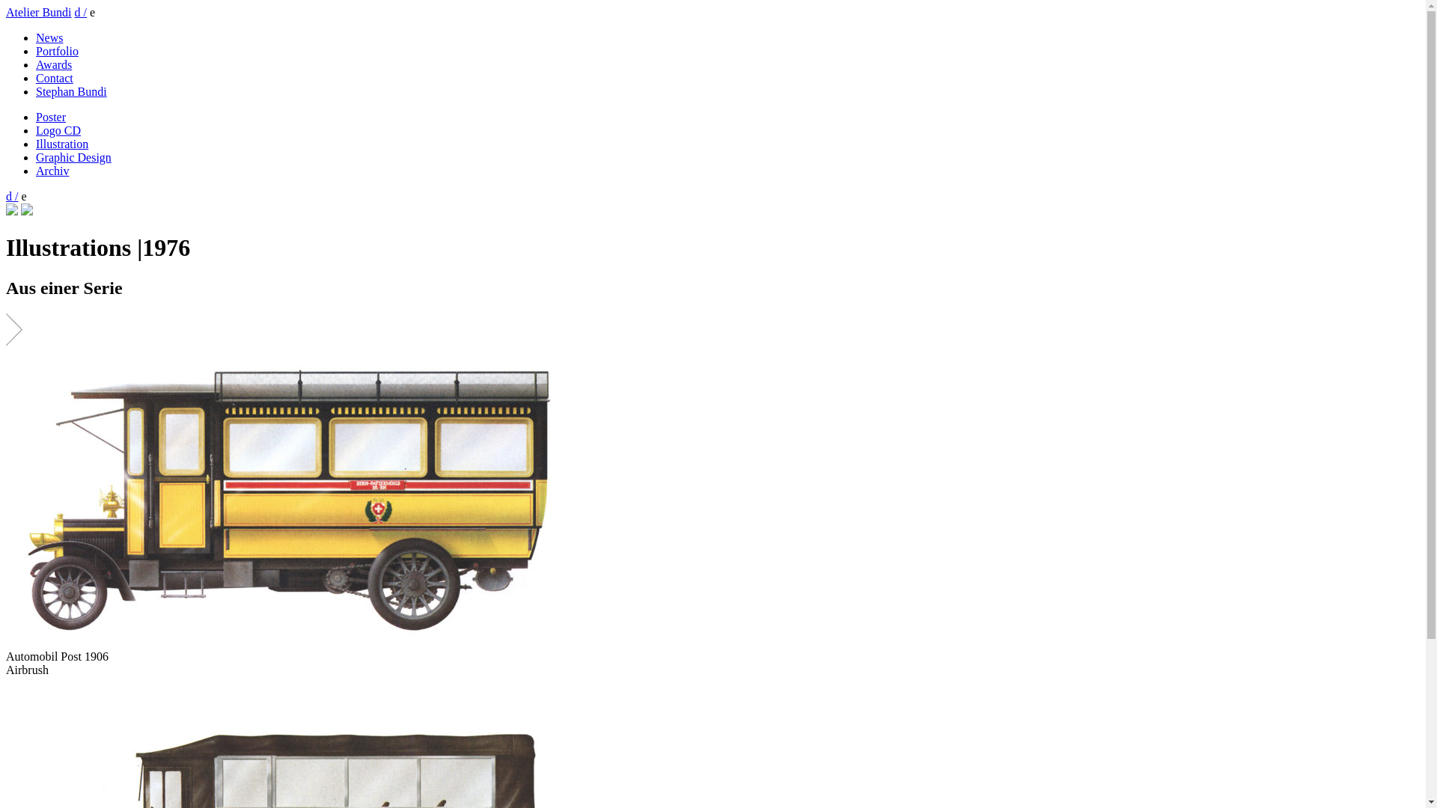 The image size is (1437, 808). Describe the element at coordinates (293, 498) in the screenshot. I see `'Postautos-3'` at that location.